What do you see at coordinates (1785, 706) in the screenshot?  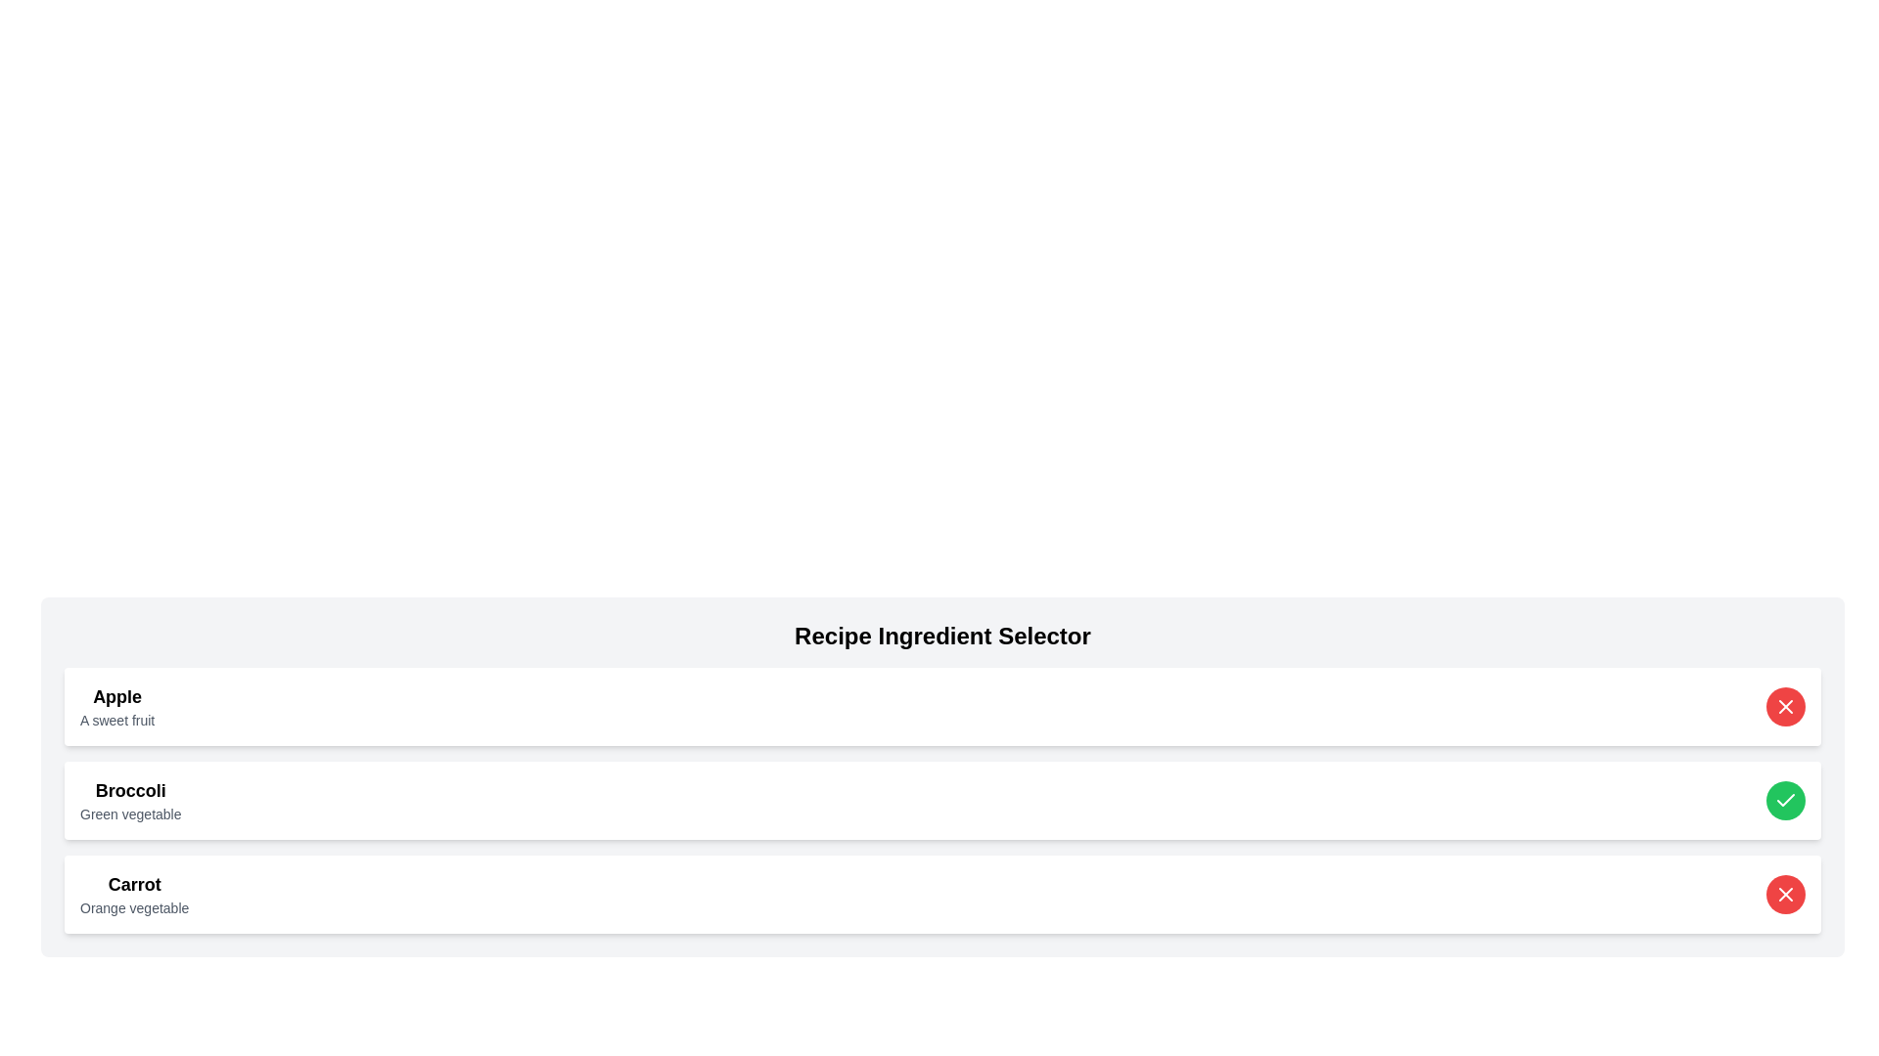 I see `the red circular button with a white 'X' icon located at the far right of the list item labeled 'Apple A sweet fruit'` at bounding box center [1785, 706].